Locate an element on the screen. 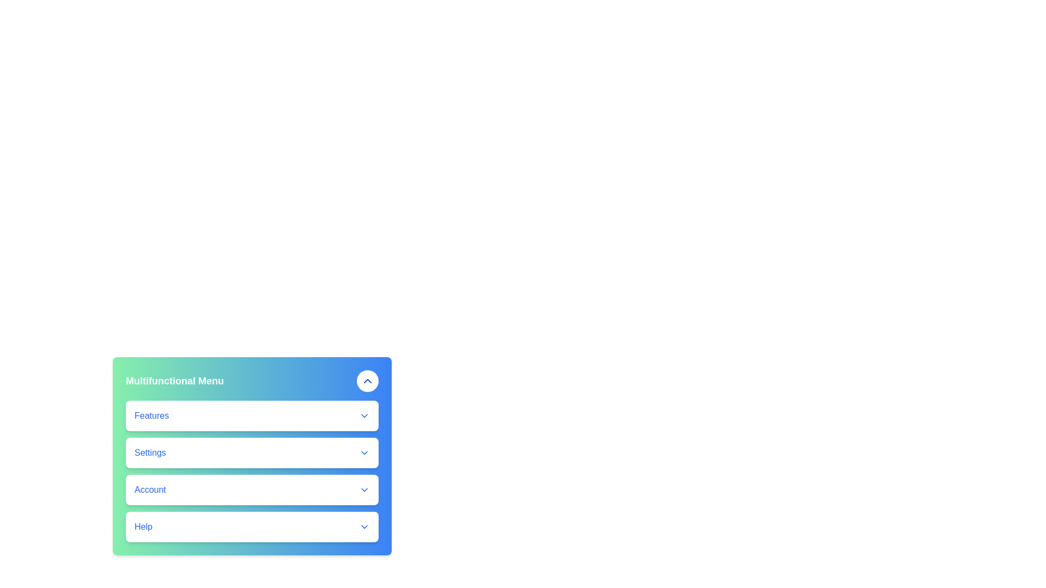  the 'Account' dropdown menu trigger is located at coordinates (251, 489).